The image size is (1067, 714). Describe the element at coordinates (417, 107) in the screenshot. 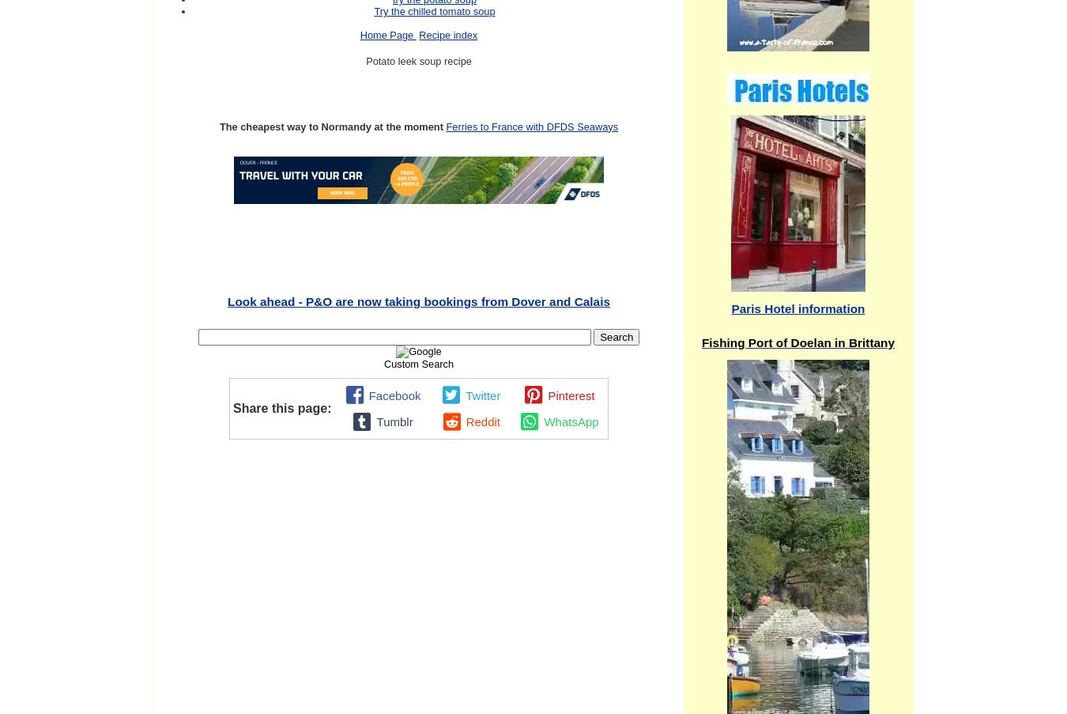

I see `'Continue reading "Caravan plots in Nouvion-le-vineux Picardy "'` at that location.